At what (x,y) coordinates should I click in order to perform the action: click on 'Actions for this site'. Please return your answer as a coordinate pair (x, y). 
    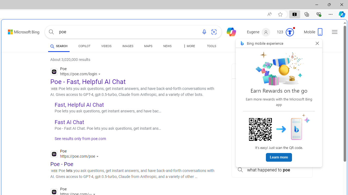
    Looking at the image, I should click on (98, 156).